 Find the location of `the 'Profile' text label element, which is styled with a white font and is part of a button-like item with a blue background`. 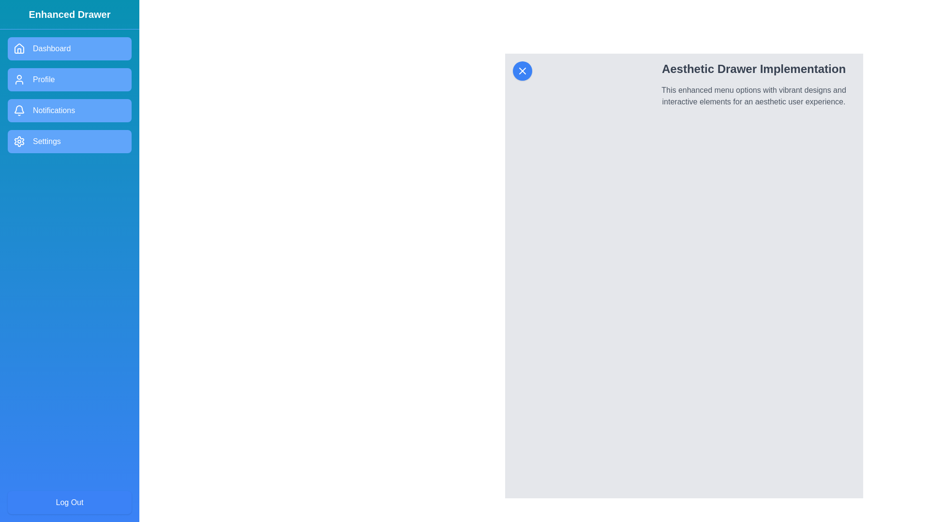

the 'Profile' text label element, which is styled with a white font and is part of a button-like item with a blue background is located at coordinates (43, 79).